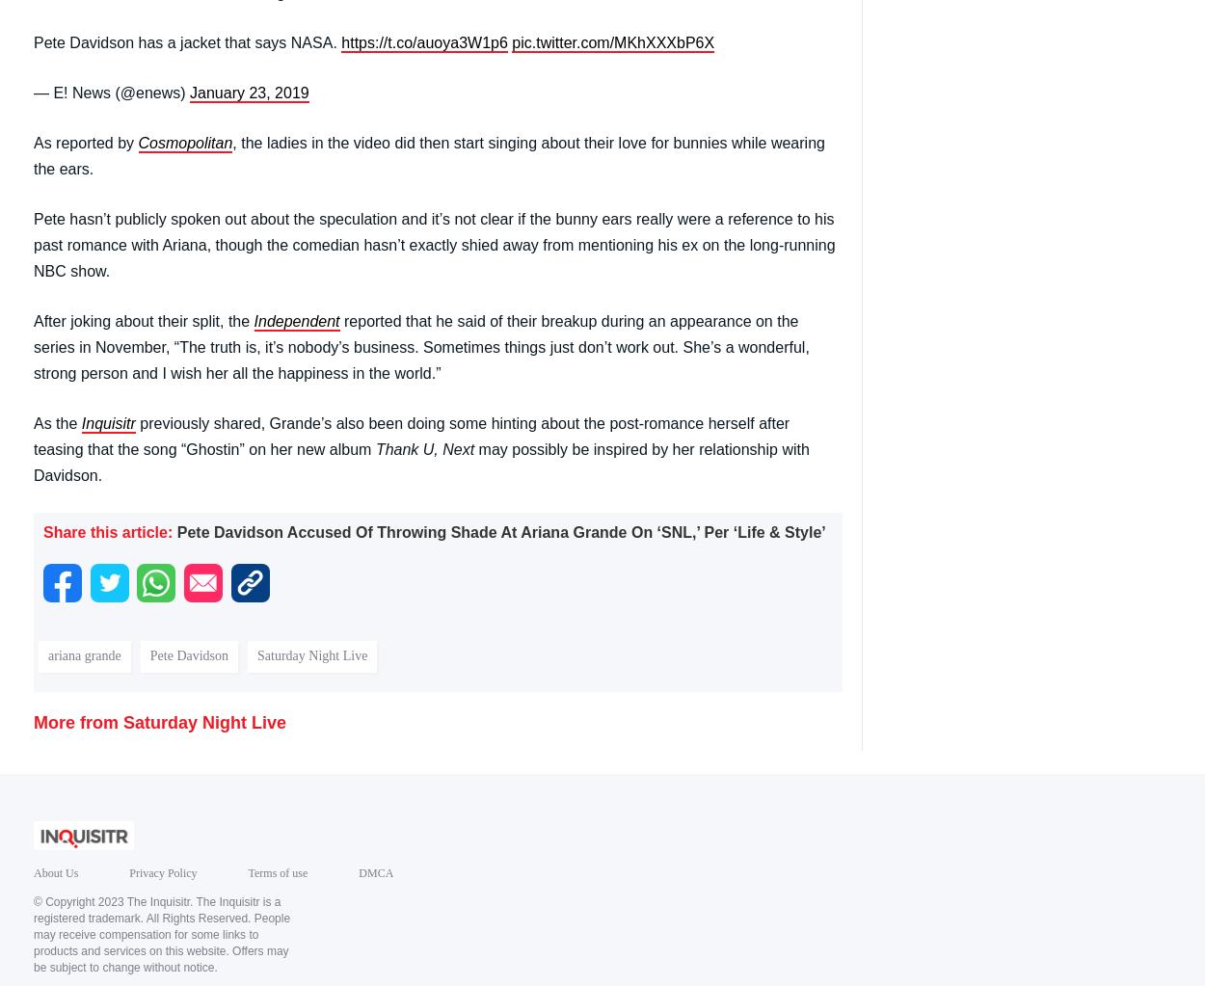 This screenshot has height=986, width=1205. Describe the element at coordinates (421, 461) in the screenshot. I see `'may possibly be inspired by her relationship with Davidson.'` at that location.